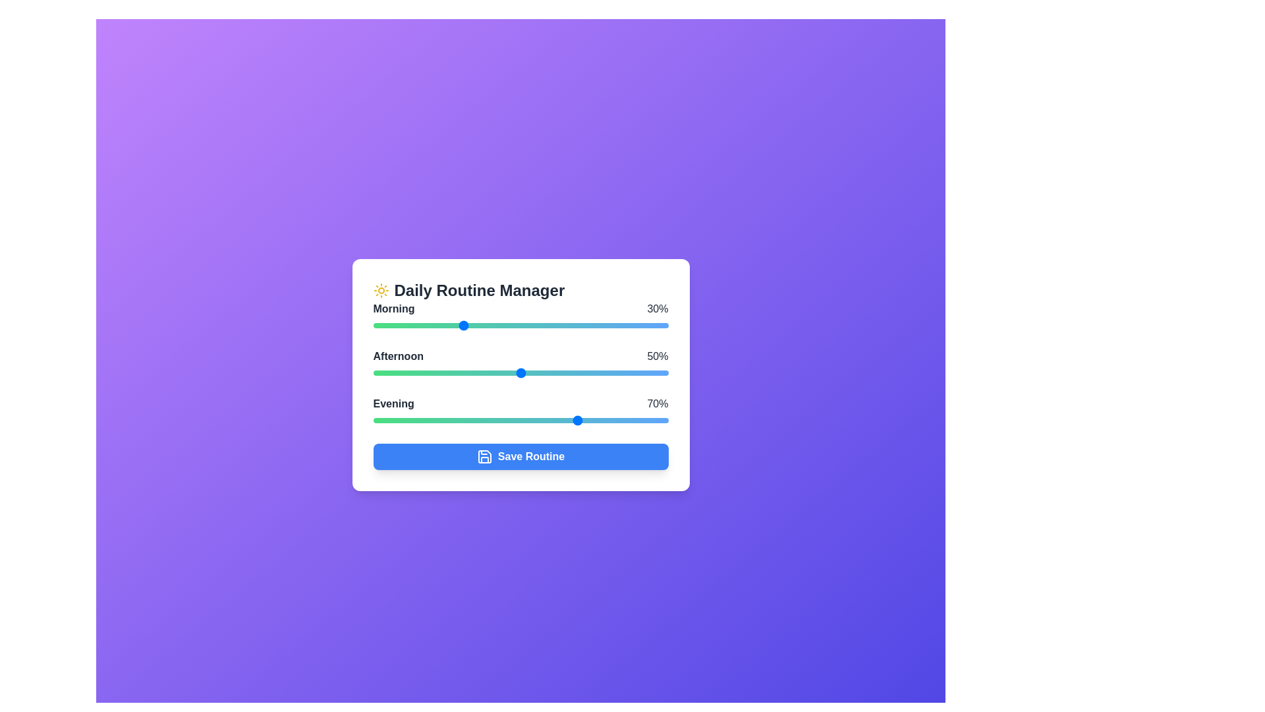 The height and width of the screenshot is (712, 1265). I want to click on the 'Save Routine' button to save the current task allocations, so click(520, 456).